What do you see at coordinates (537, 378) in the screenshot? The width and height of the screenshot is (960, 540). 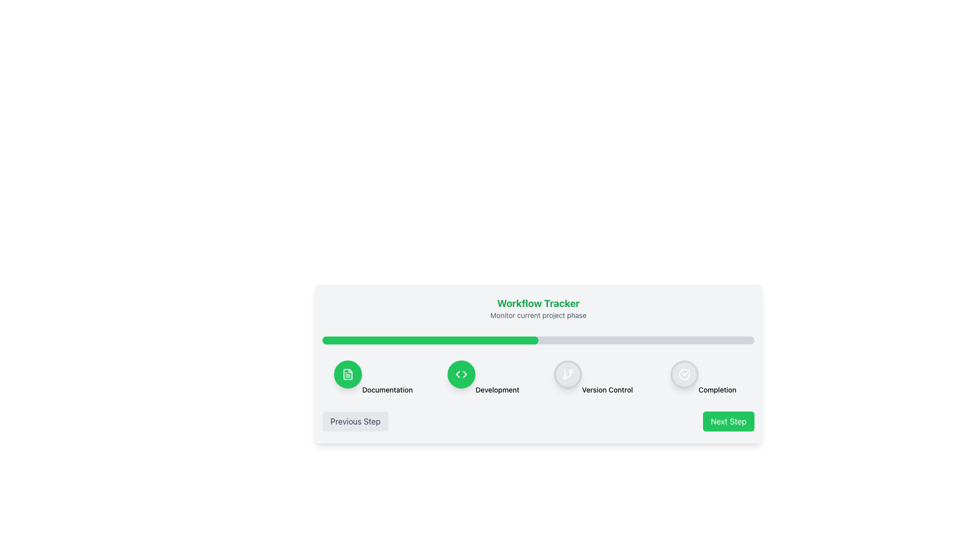 I see `the Grid element that visually represents project workflow stages, located in the middle-lower section of the interface, just below the progress bar and above the 'Previous Step' and 'Next Step' buttons` at bounding box center [537, 378].